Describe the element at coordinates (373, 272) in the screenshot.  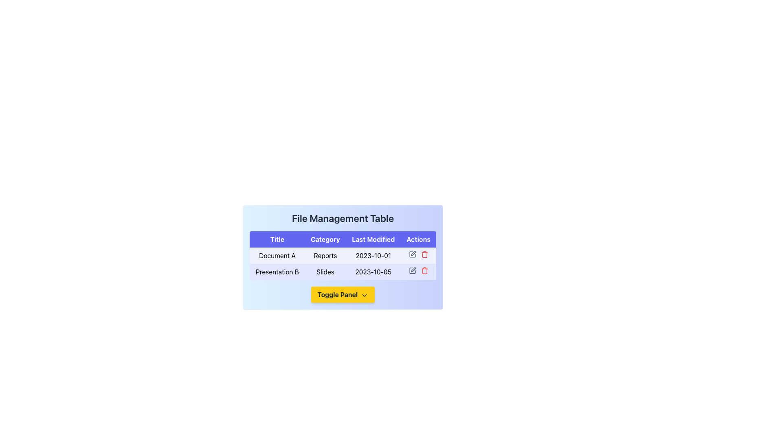
I see `the text field displaying the last modified date of 'Presentation B' located under the 'Last Modified' header in the second row` at that location.